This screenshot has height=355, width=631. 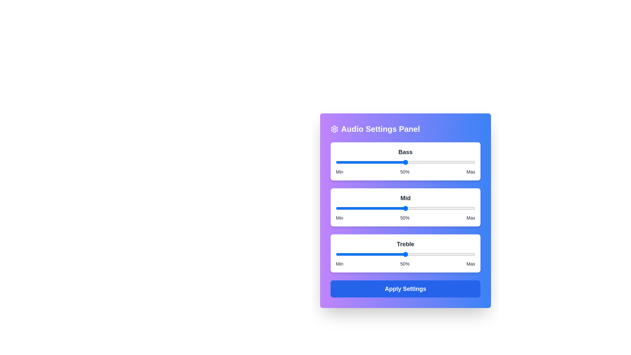 I want to click on slider, so click(x=415, y=208).